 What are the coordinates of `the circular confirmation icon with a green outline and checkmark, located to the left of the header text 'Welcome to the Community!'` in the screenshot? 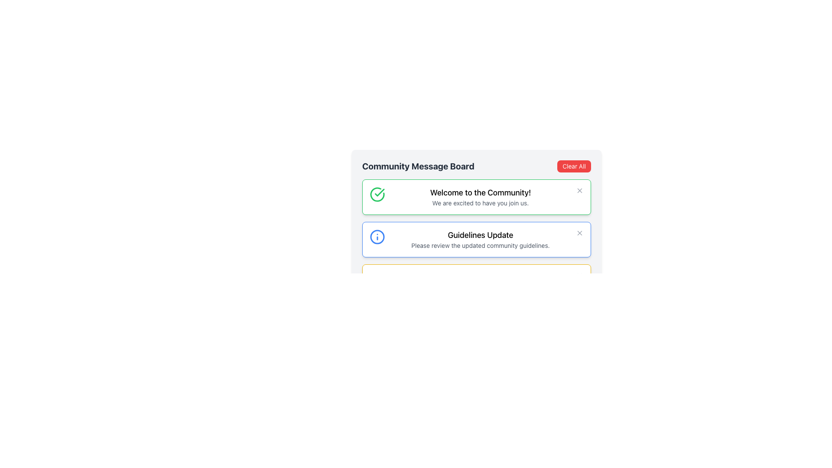 It's located at (377, 194).